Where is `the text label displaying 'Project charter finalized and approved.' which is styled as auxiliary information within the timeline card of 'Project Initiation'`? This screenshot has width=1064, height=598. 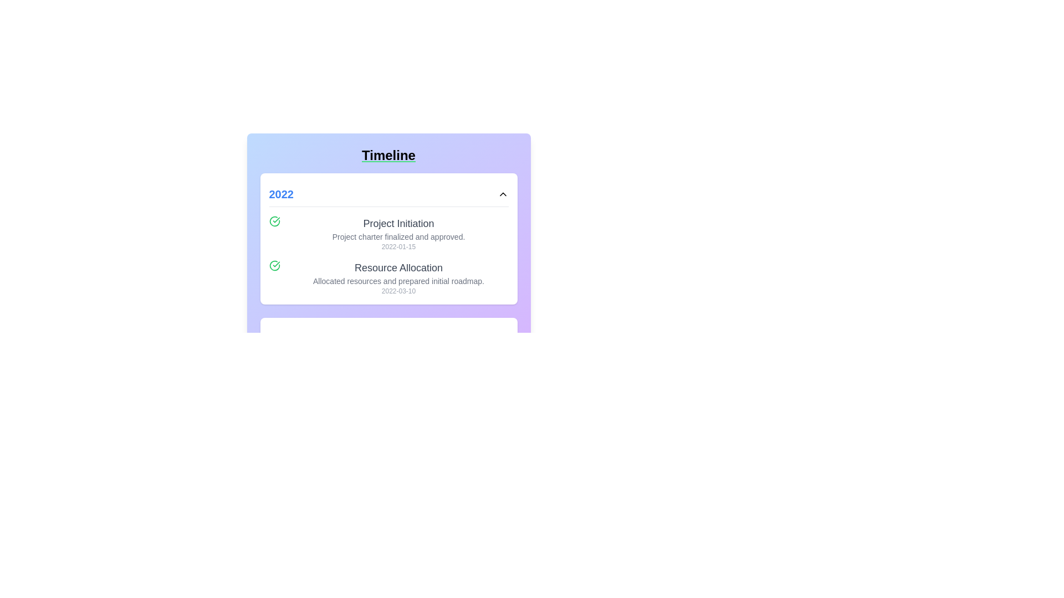
the text label displaying 'Project charter finalized and approved.' which is styled as auxiliary information within the timeline card of 'Project Initiation' is located at coordinates (398, 236).